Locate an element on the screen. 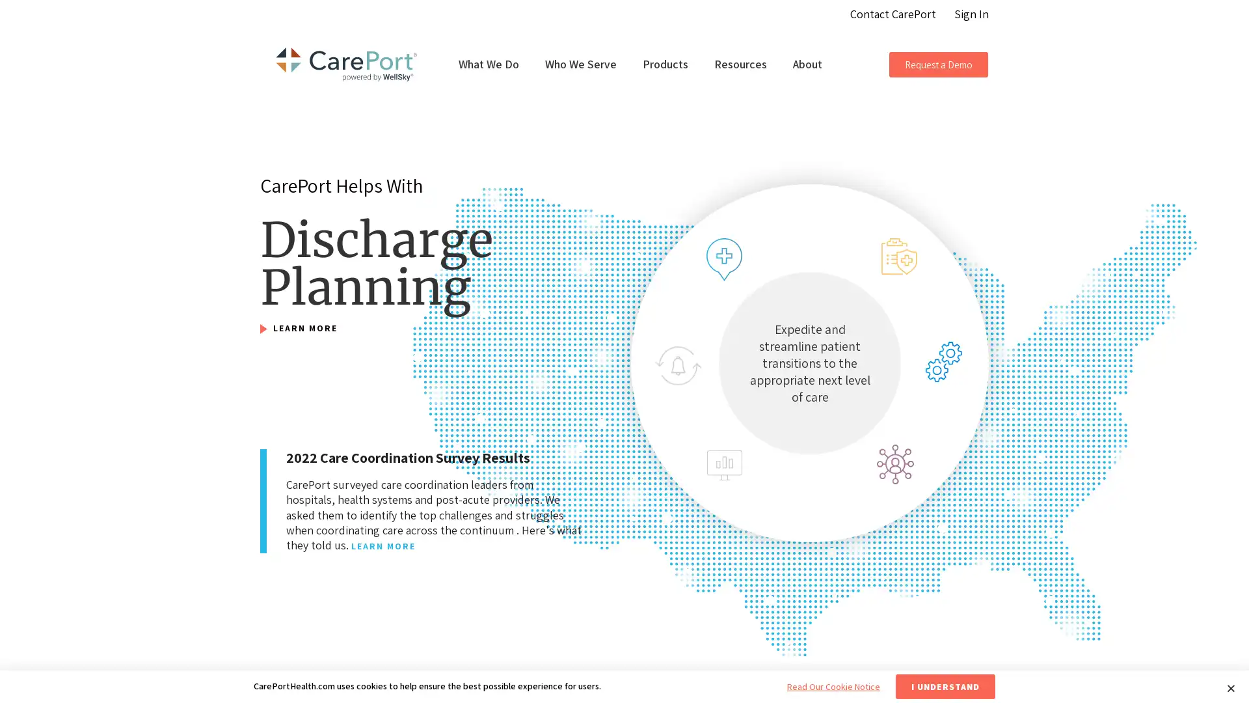 This screenshot has width=1249, height=703. Read Our Cookie Notice is located at coordinates (833, 686).